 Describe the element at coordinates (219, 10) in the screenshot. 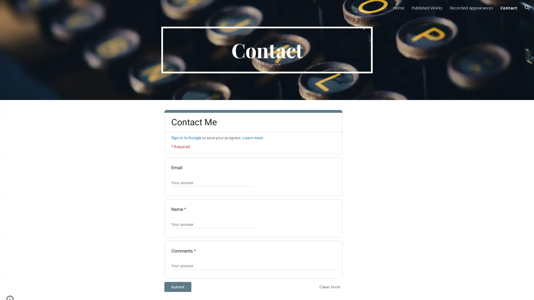

I see `Skip to main content` at that location.